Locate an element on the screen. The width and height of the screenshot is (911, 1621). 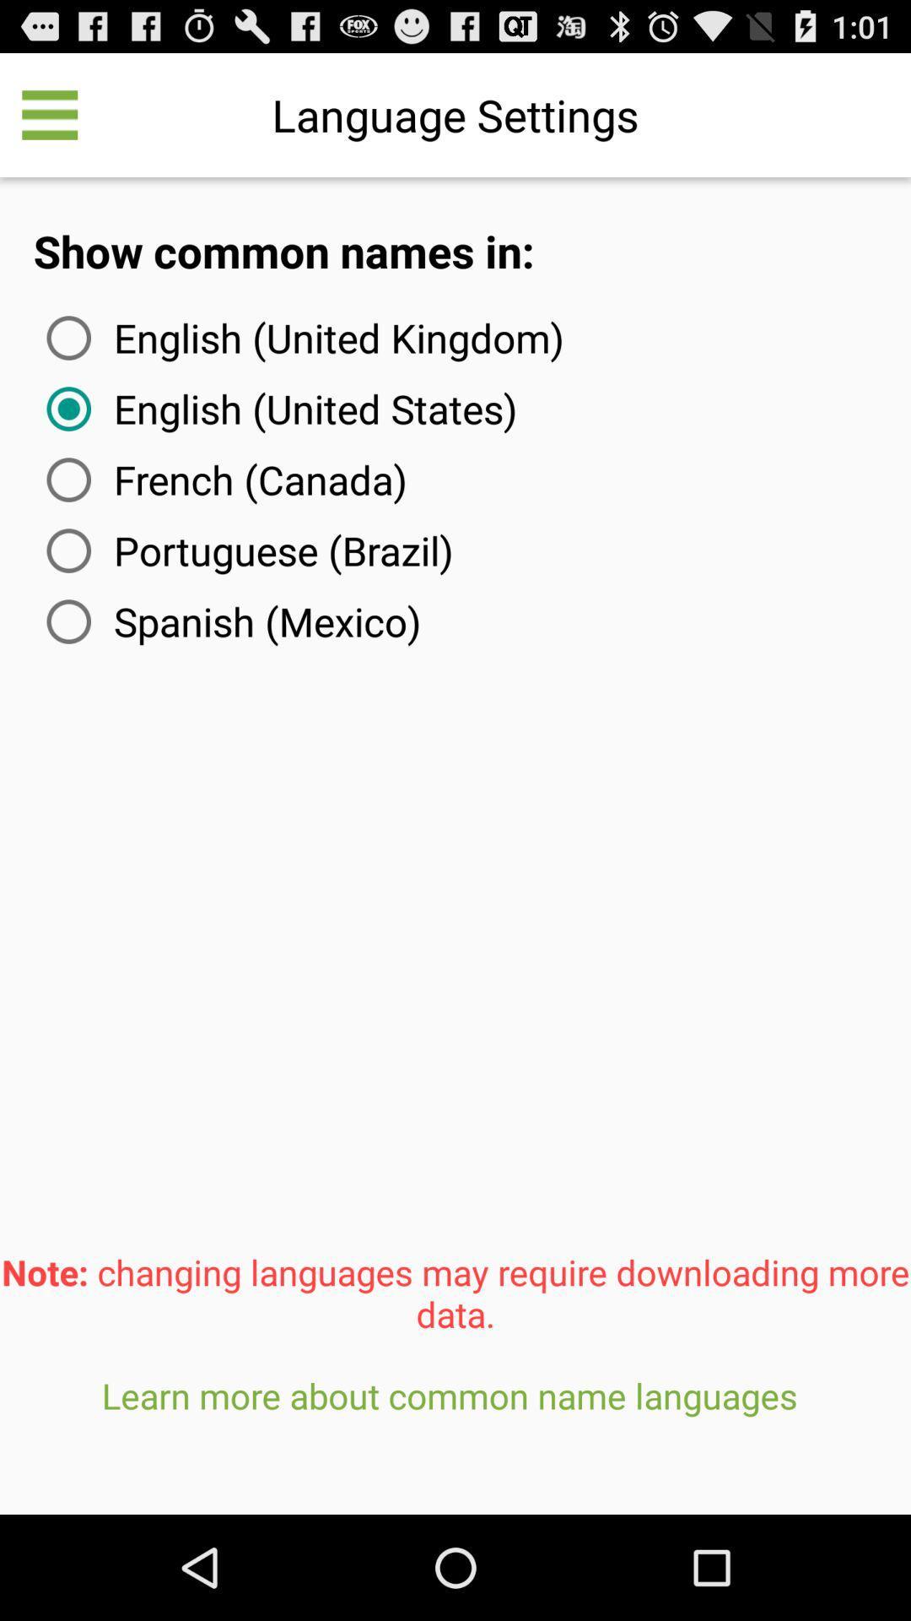
the item above spanish (mexico) item is located at coordinates (246, 550).